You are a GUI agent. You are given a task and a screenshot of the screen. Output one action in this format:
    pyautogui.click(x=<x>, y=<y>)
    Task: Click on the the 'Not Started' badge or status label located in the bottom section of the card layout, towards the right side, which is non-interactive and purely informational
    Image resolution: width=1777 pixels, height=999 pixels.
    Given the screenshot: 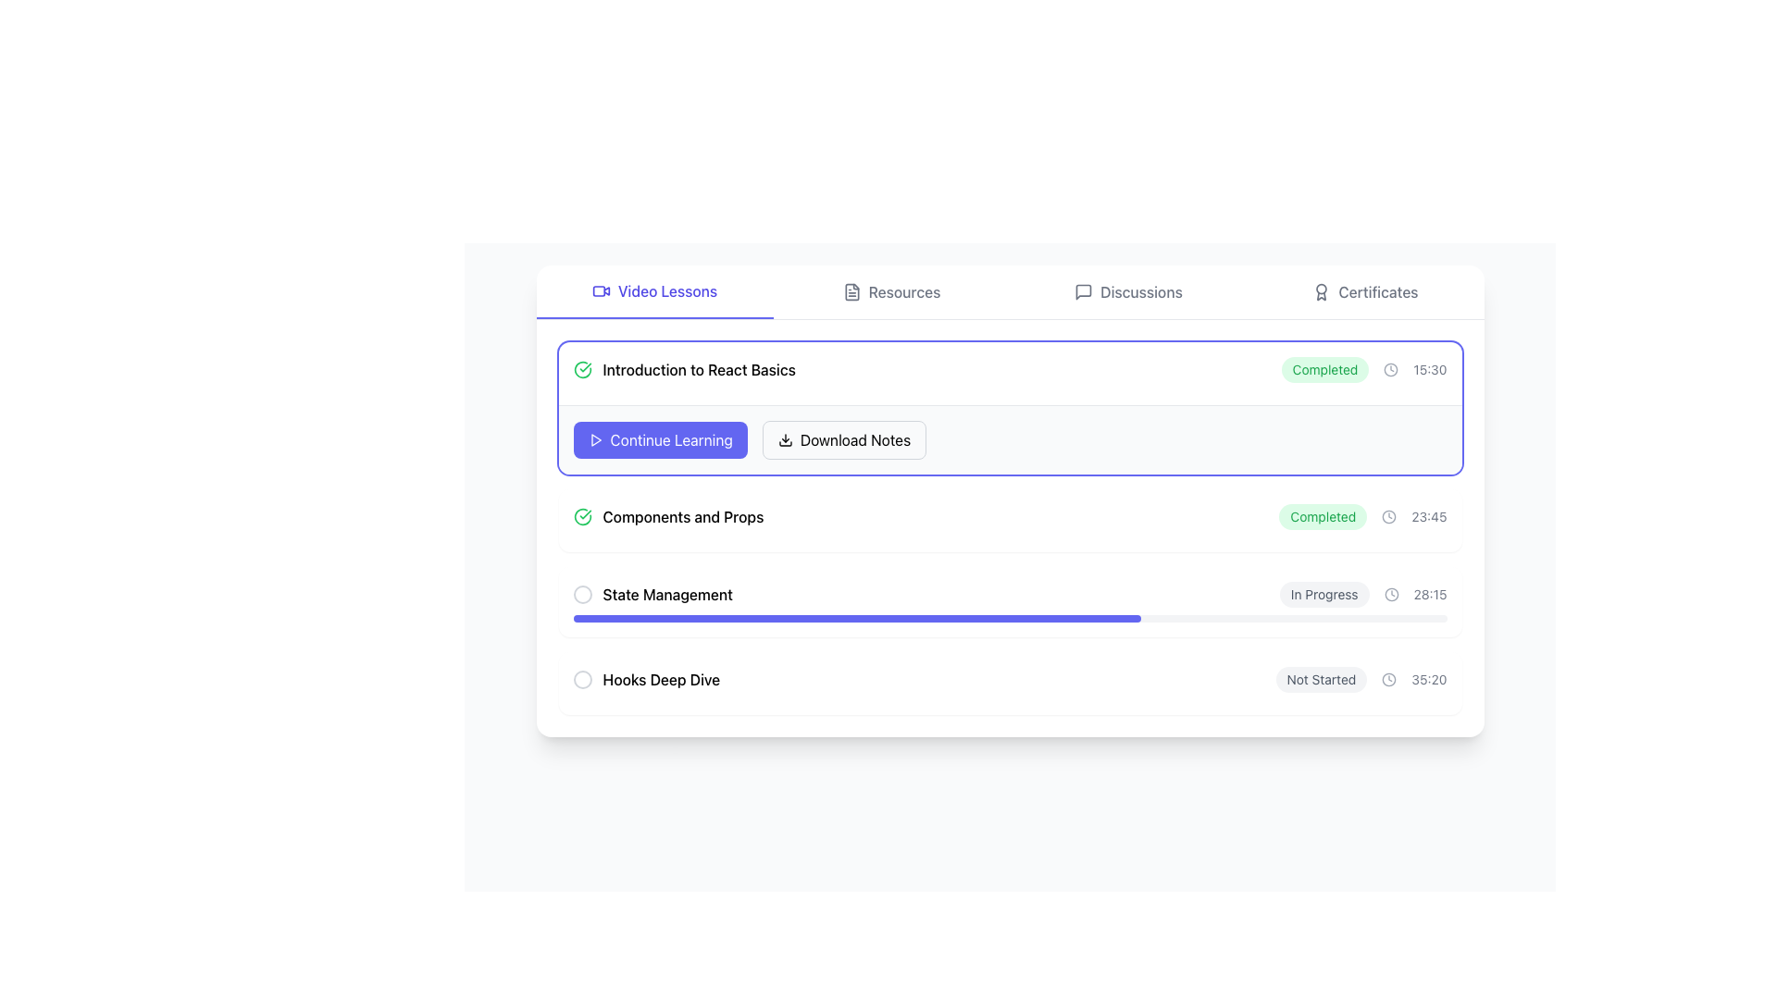 What is the action you would take?
    pyautogui.click(x=1320, y=680)
    